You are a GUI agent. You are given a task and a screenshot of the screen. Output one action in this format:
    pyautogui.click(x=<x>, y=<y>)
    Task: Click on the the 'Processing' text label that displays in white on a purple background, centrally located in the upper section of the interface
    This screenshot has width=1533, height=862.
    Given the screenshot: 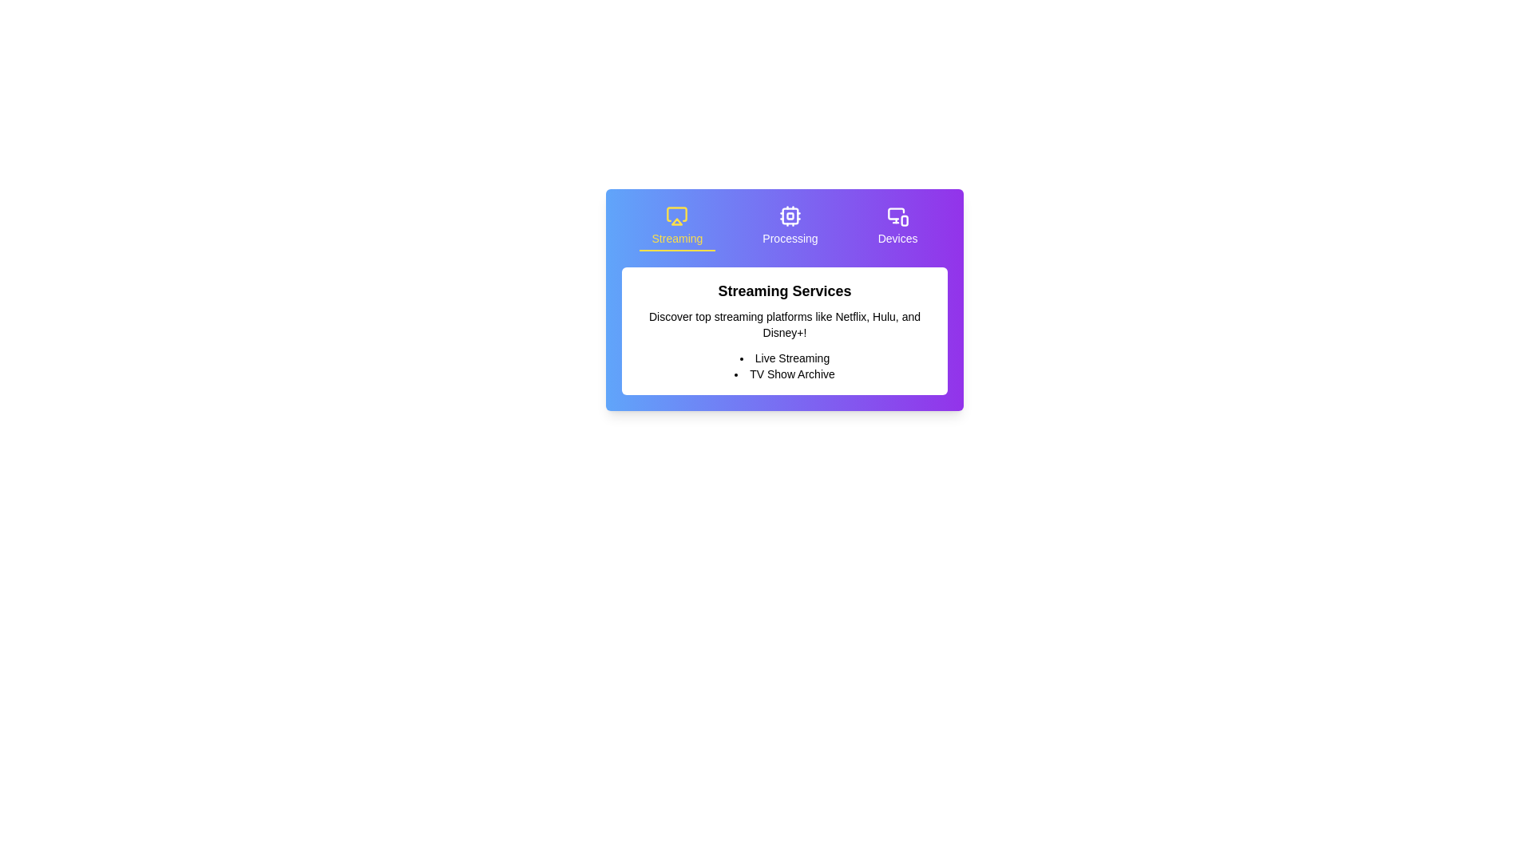 What is the action you would take?
    pyautogui.click(x=790, y=239)
    